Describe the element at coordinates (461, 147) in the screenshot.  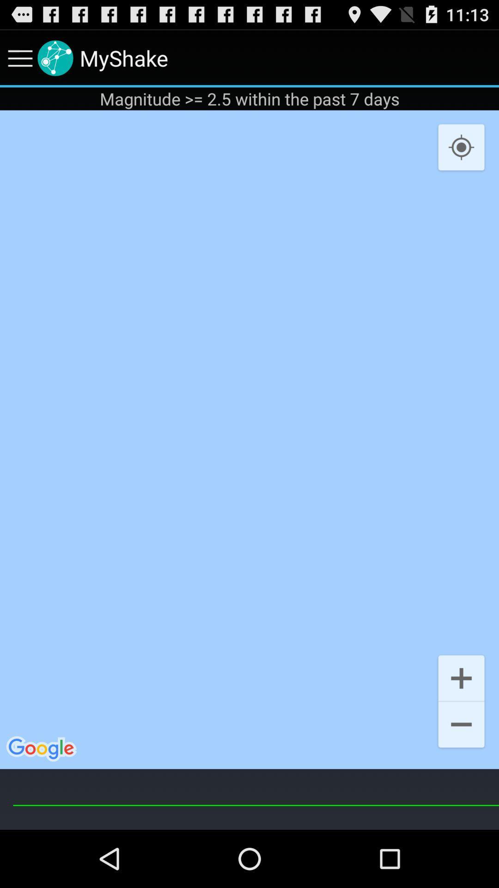
I see `the icon at the top right corner` at that location.